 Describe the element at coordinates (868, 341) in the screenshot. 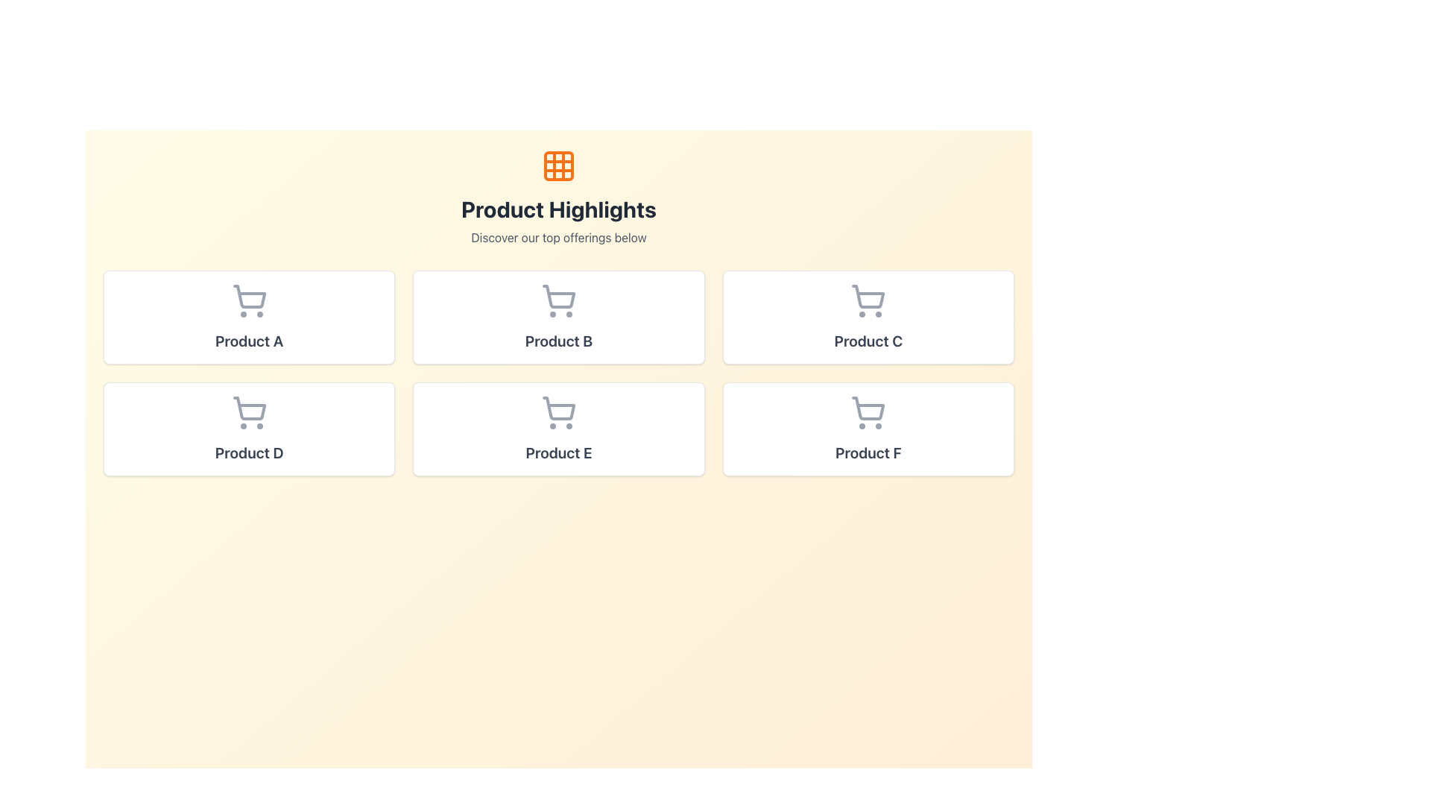

I see `the Text Label identifying 'Product C' located in the top-right corner of the card grid arrangement` at that location.